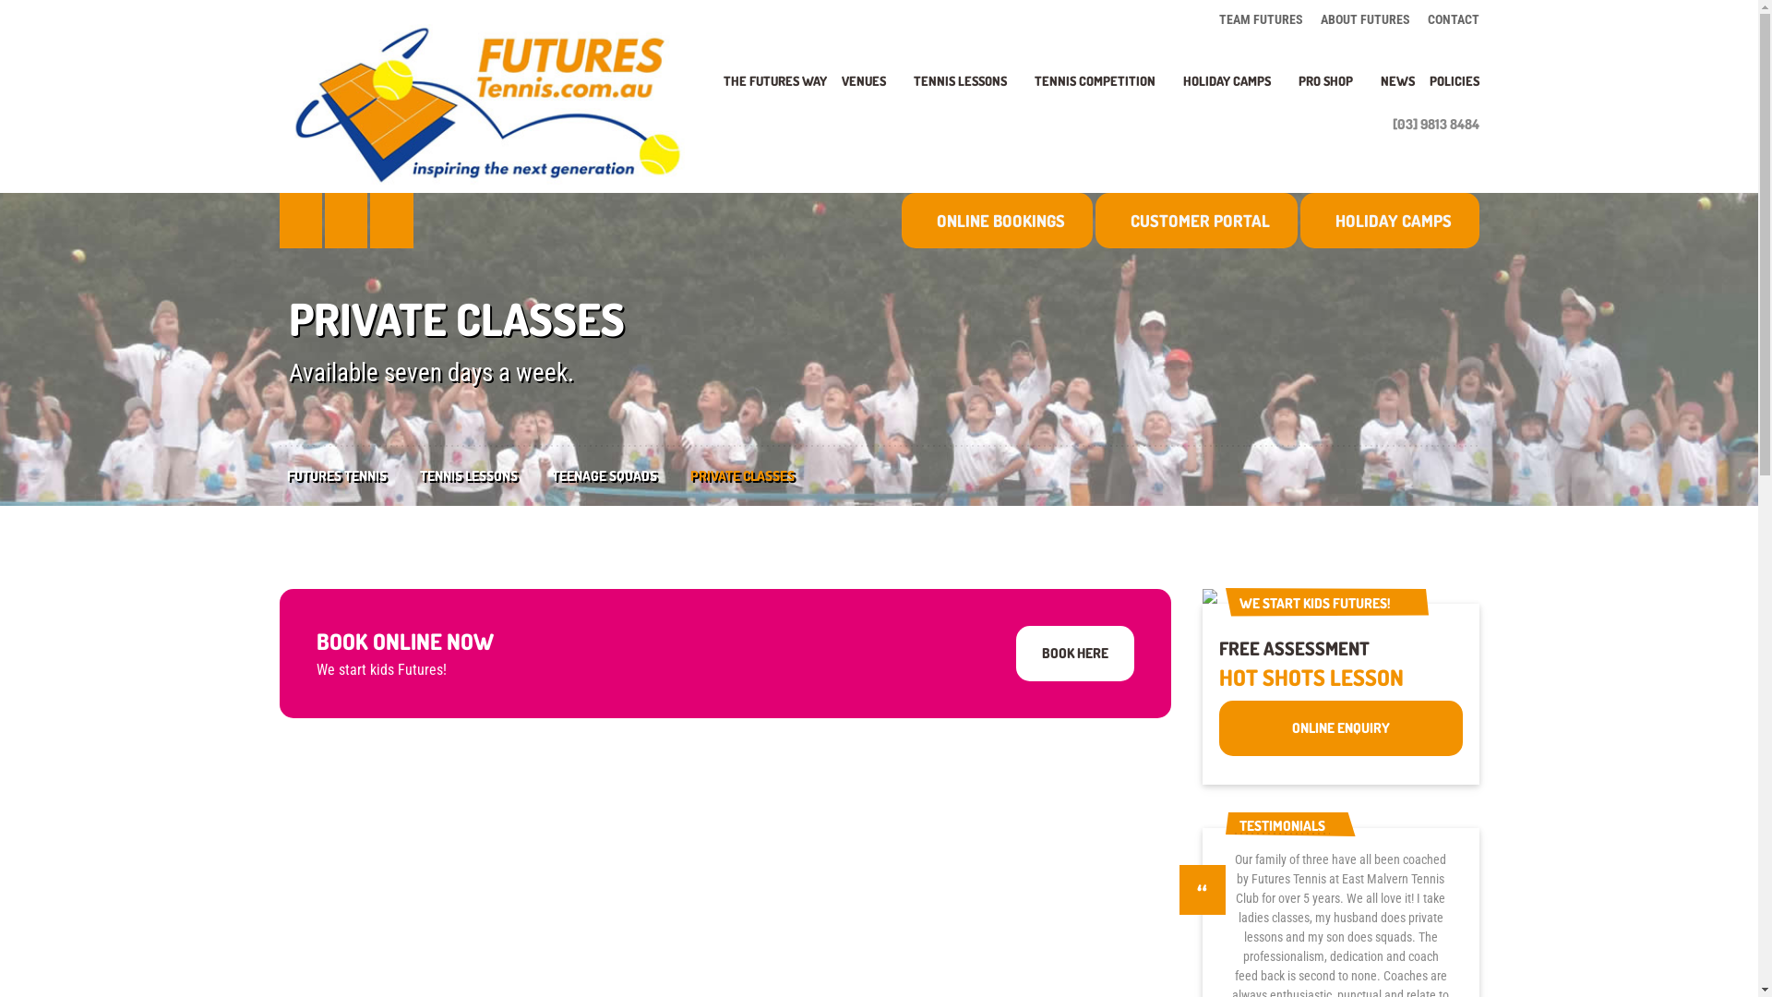 The width and height of the screenshot is (1772, 997). Describe the element at coordinates (353, 474) in the screenshot. I see `'FUTURES TENNIS'` at that location.